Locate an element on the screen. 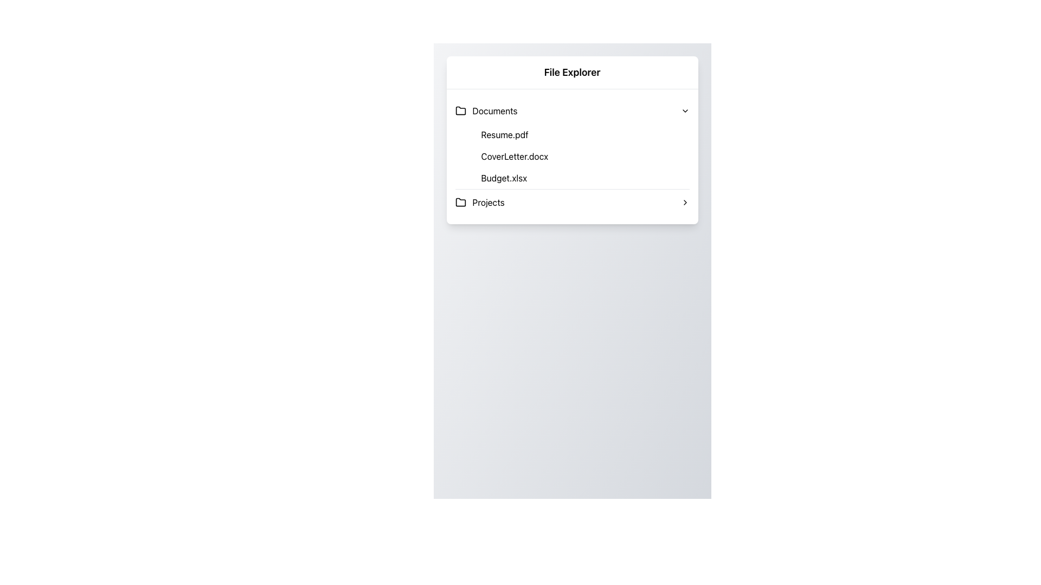 This screenshot has height=585, width=1041. the 'Resume.pdf' file entry in the Documents section is located at coordinates (580, 134).